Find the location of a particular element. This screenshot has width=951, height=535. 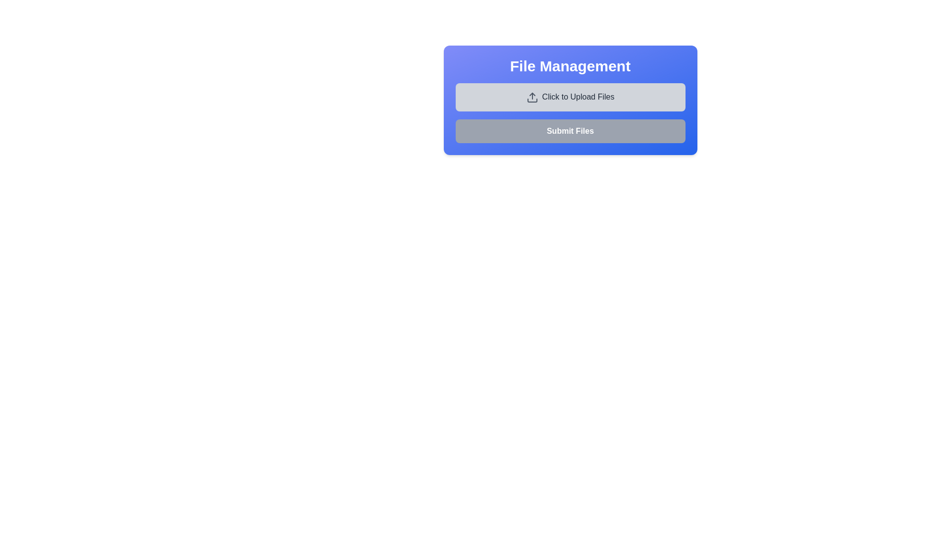

the large rectangular button labeled 'Click to Upload Files' is located at coordinates (570, 97).